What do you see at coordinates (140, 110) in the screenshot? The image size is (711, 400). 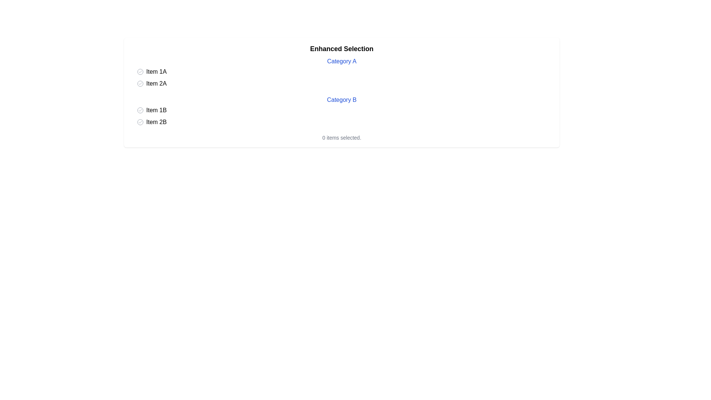 I see `the check icon indicating the selection state of the radio button for 'Item 1B'` at bounding box center [140, 110].